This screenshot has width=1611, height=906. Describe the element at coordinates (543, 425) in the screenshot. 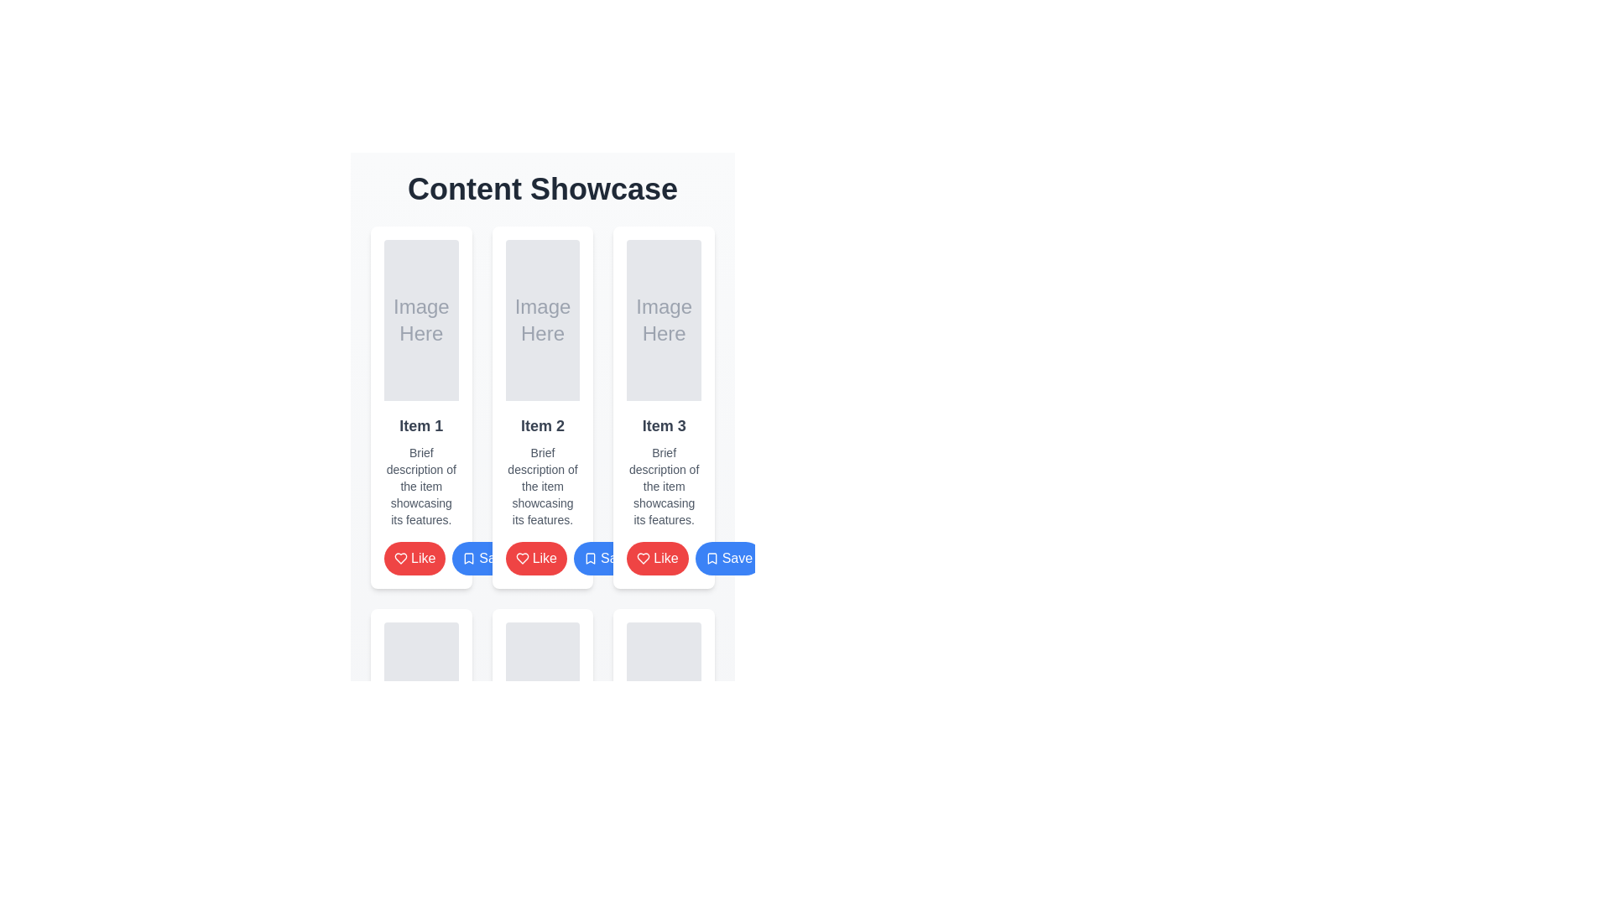

I see `text label that prominently displays 'Item 2' in a bold, dark gray font within the central card of a three-column layout` at that location.